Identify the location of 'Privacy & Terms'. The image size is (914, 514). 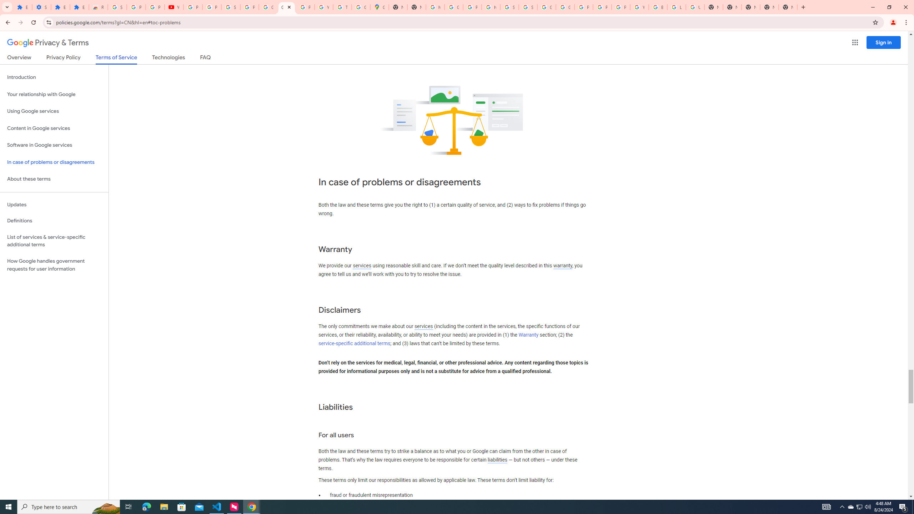
(48, 42).